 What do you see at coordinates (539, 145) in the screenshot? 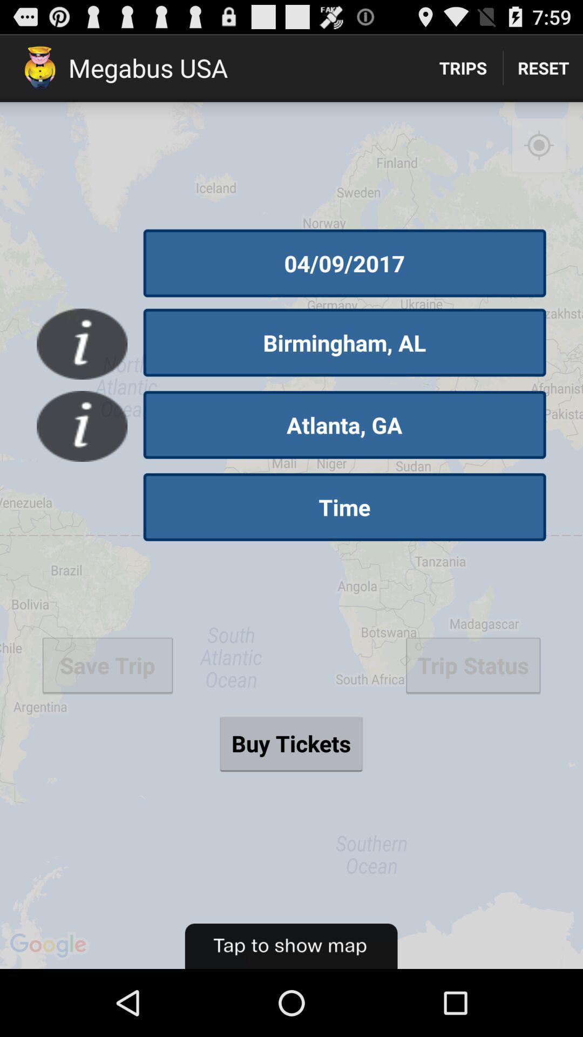
I see `item above 04/09/2017 item` at bounding box center [539, 145].